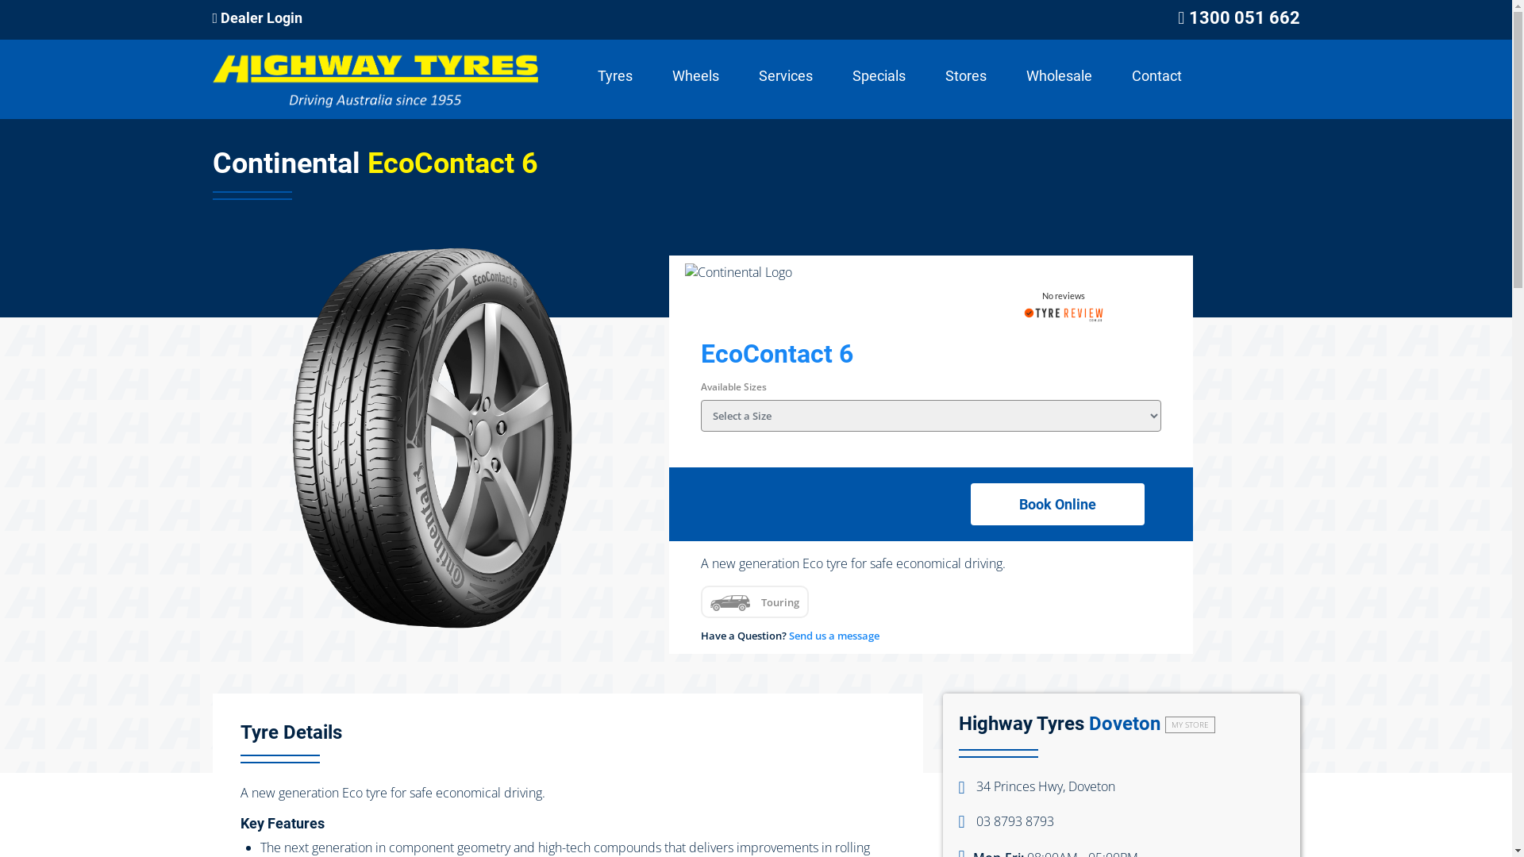  Describe the element at coordinates (964, 75) in the screenshot. I see `'Stores'` at that location.